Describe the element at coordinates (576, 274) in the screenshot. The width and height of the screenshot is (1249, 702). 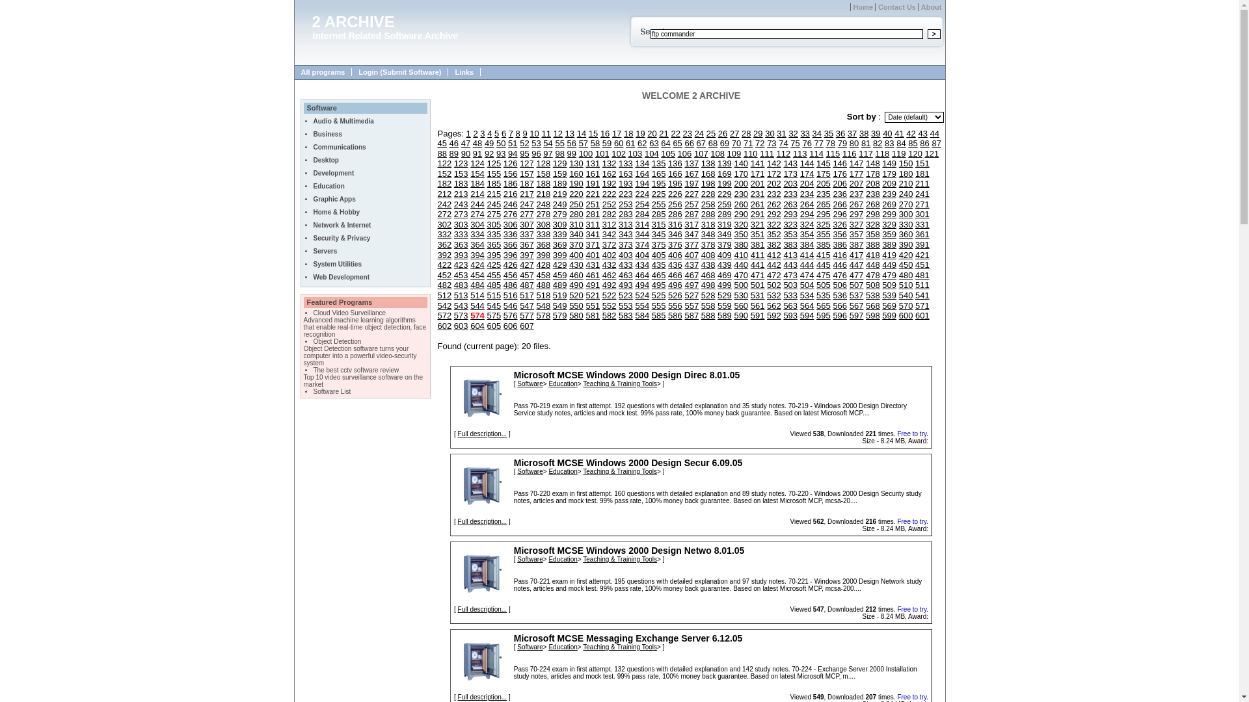
I see `'460'` at that location.